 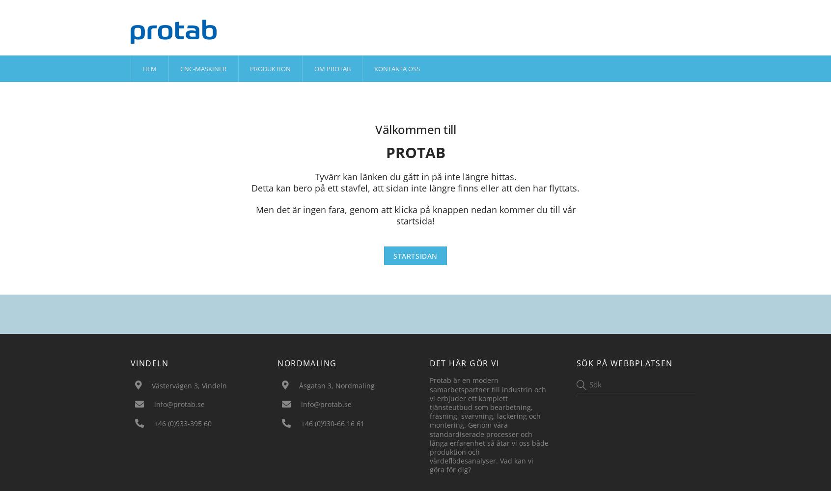 I want to click on 'Vindeln', so click(x=130, y=362).